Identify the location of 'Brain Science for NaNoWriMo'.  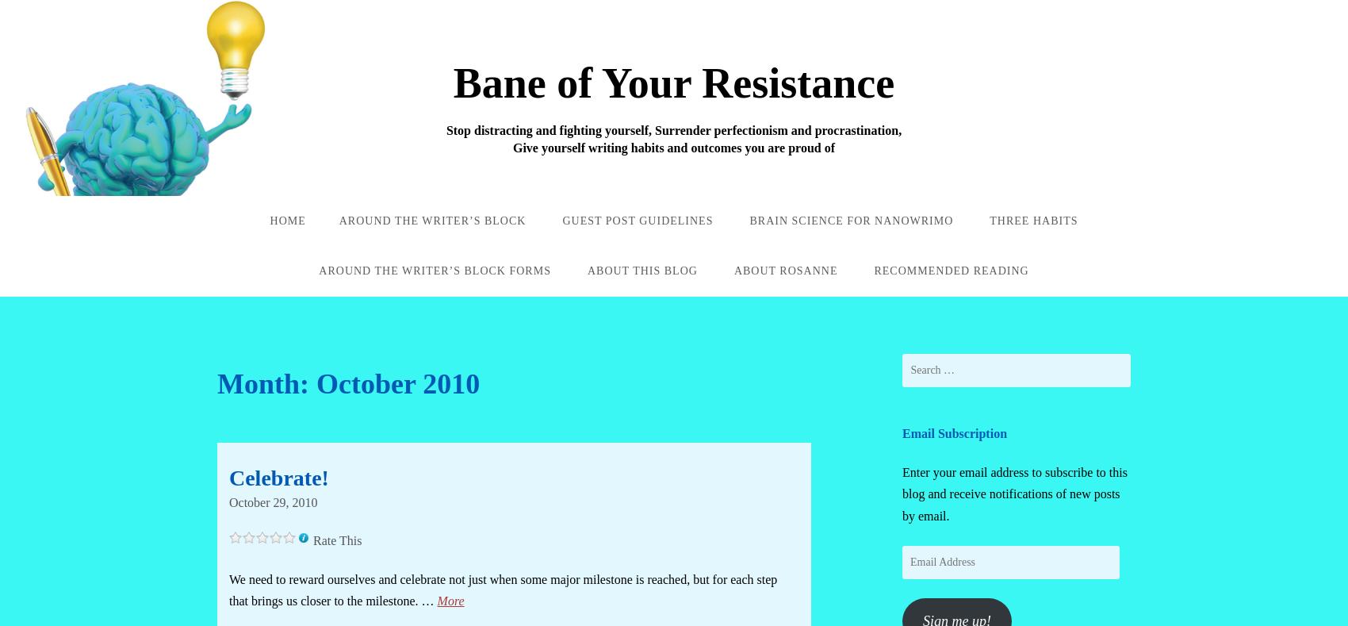
(851, 220).